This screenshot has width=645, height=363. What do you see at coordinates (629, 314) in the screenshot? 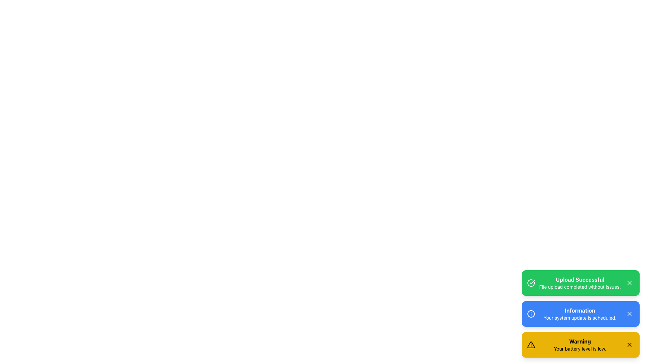
I see `the small circular button with a visible 'X' icon at its center located in the top-right corner of the blue rectangular notification box` at bounding box center [629, 314].